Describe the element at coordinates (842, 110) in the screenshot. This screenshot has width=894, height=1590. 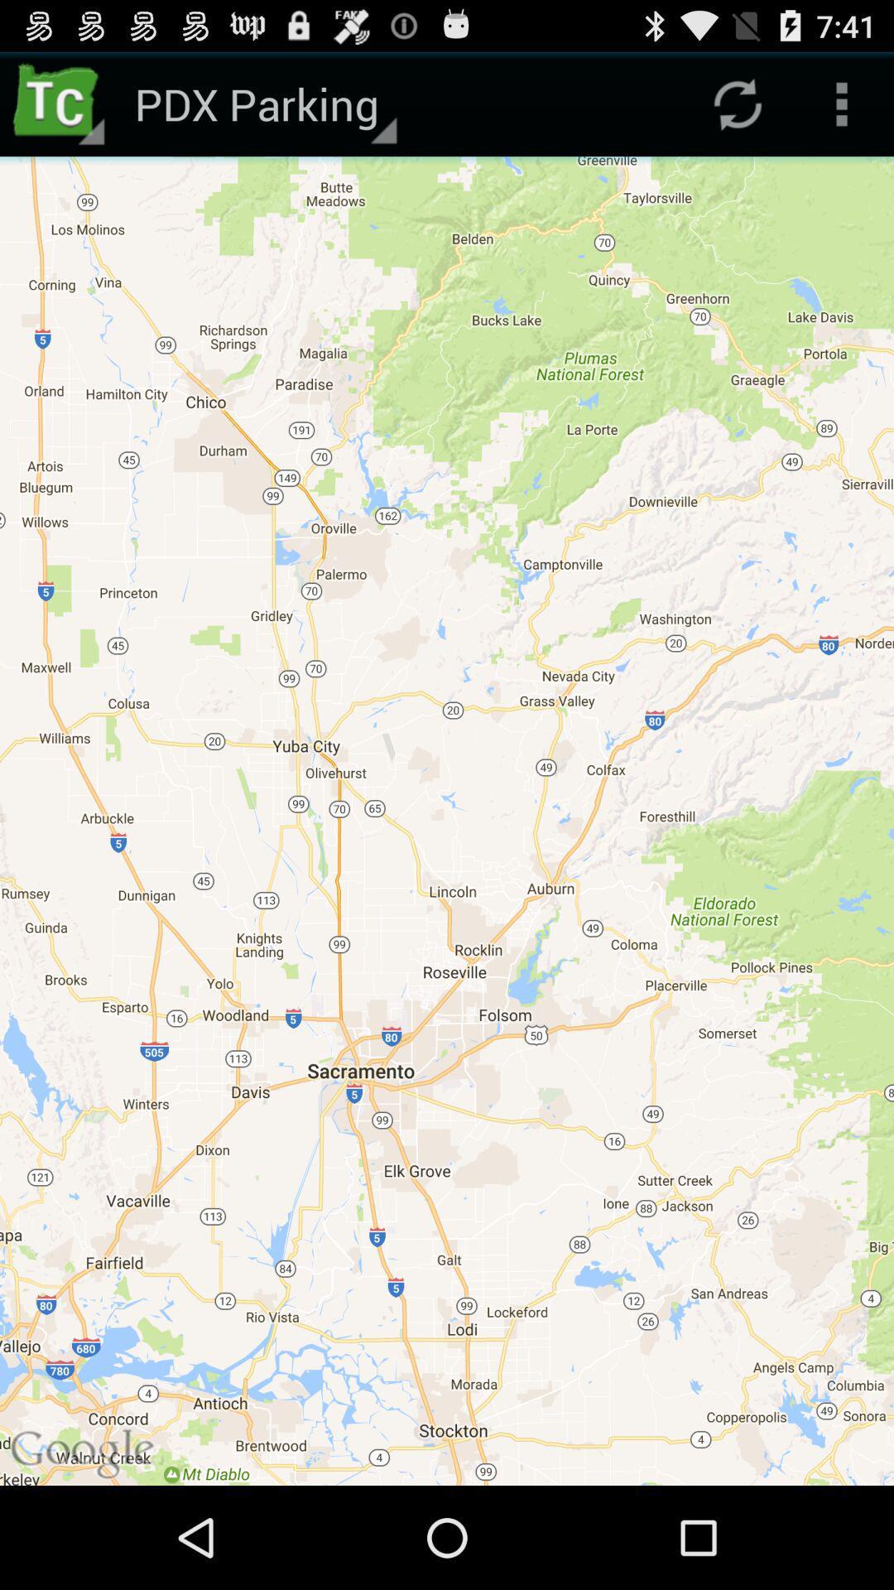
I see `the more icon` at that location.